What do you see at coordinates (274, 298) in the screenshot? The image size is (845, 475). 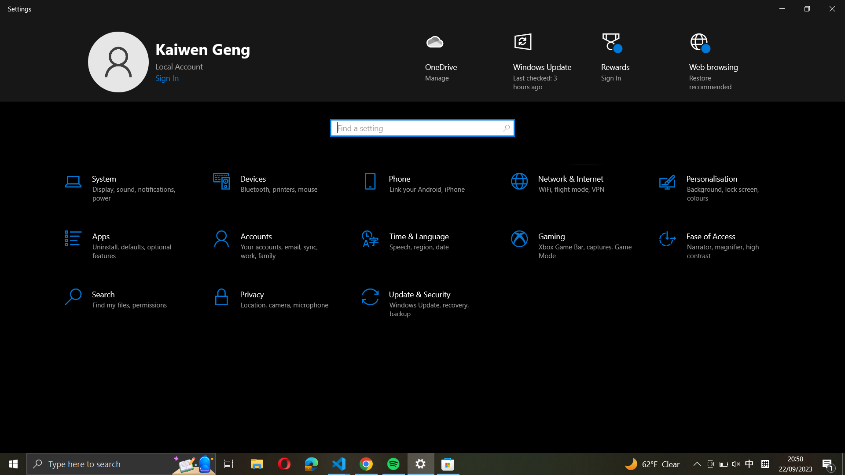 I see `Utilize the final row button to alter settings of the microphone` at bounding box center [274, 298].